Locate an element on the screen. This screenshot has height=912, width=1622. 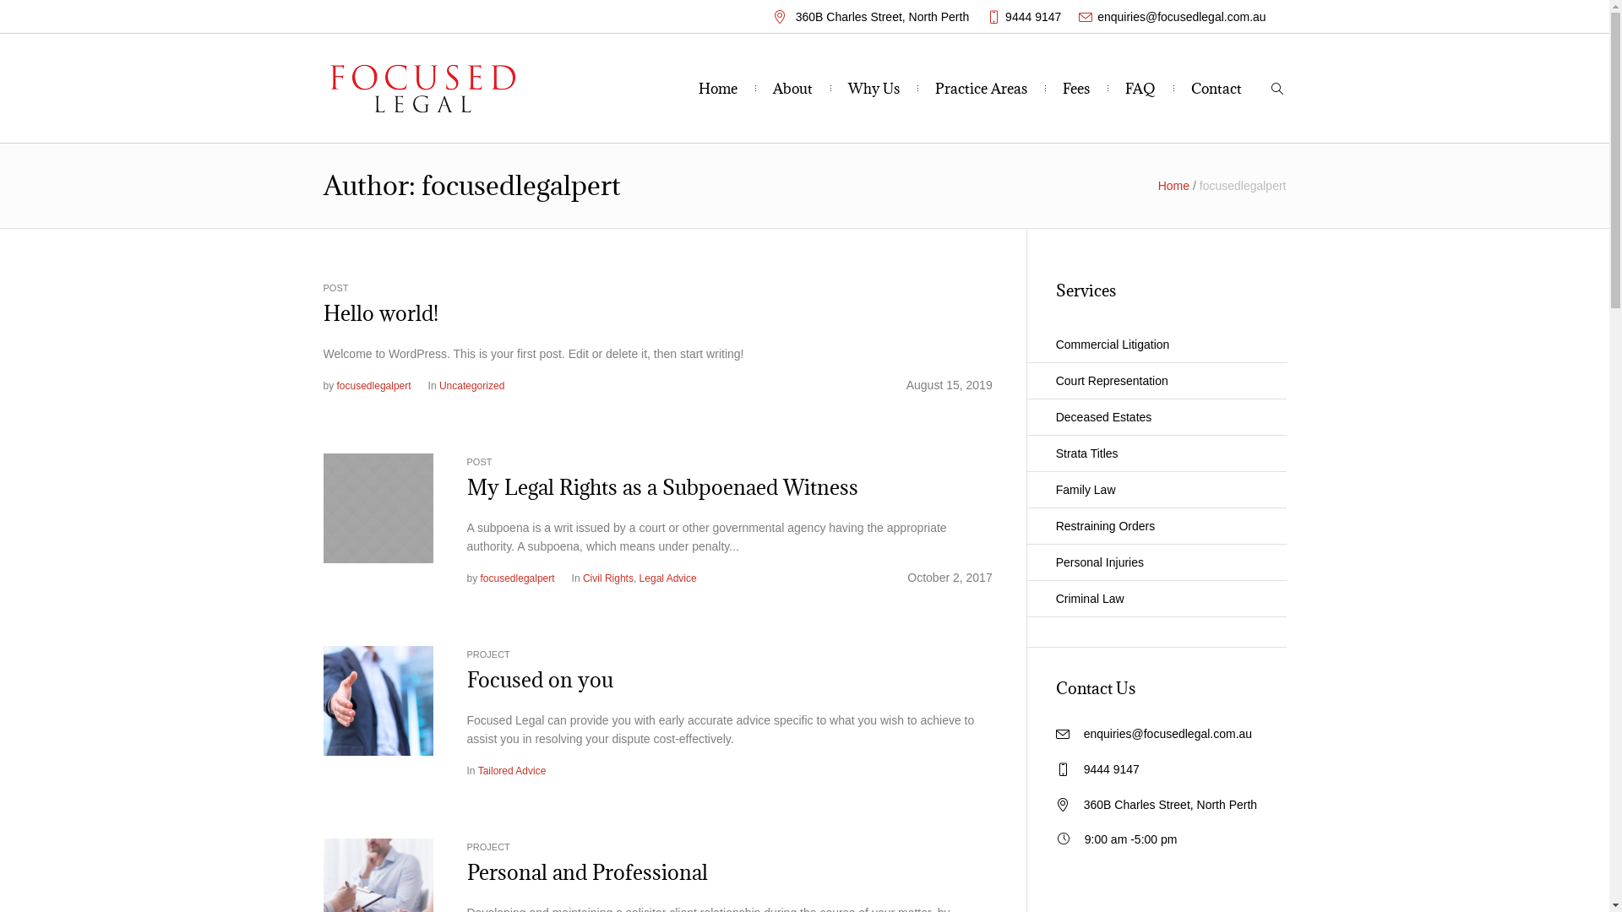
'Hello world!' is located at coordinates (323, 312).